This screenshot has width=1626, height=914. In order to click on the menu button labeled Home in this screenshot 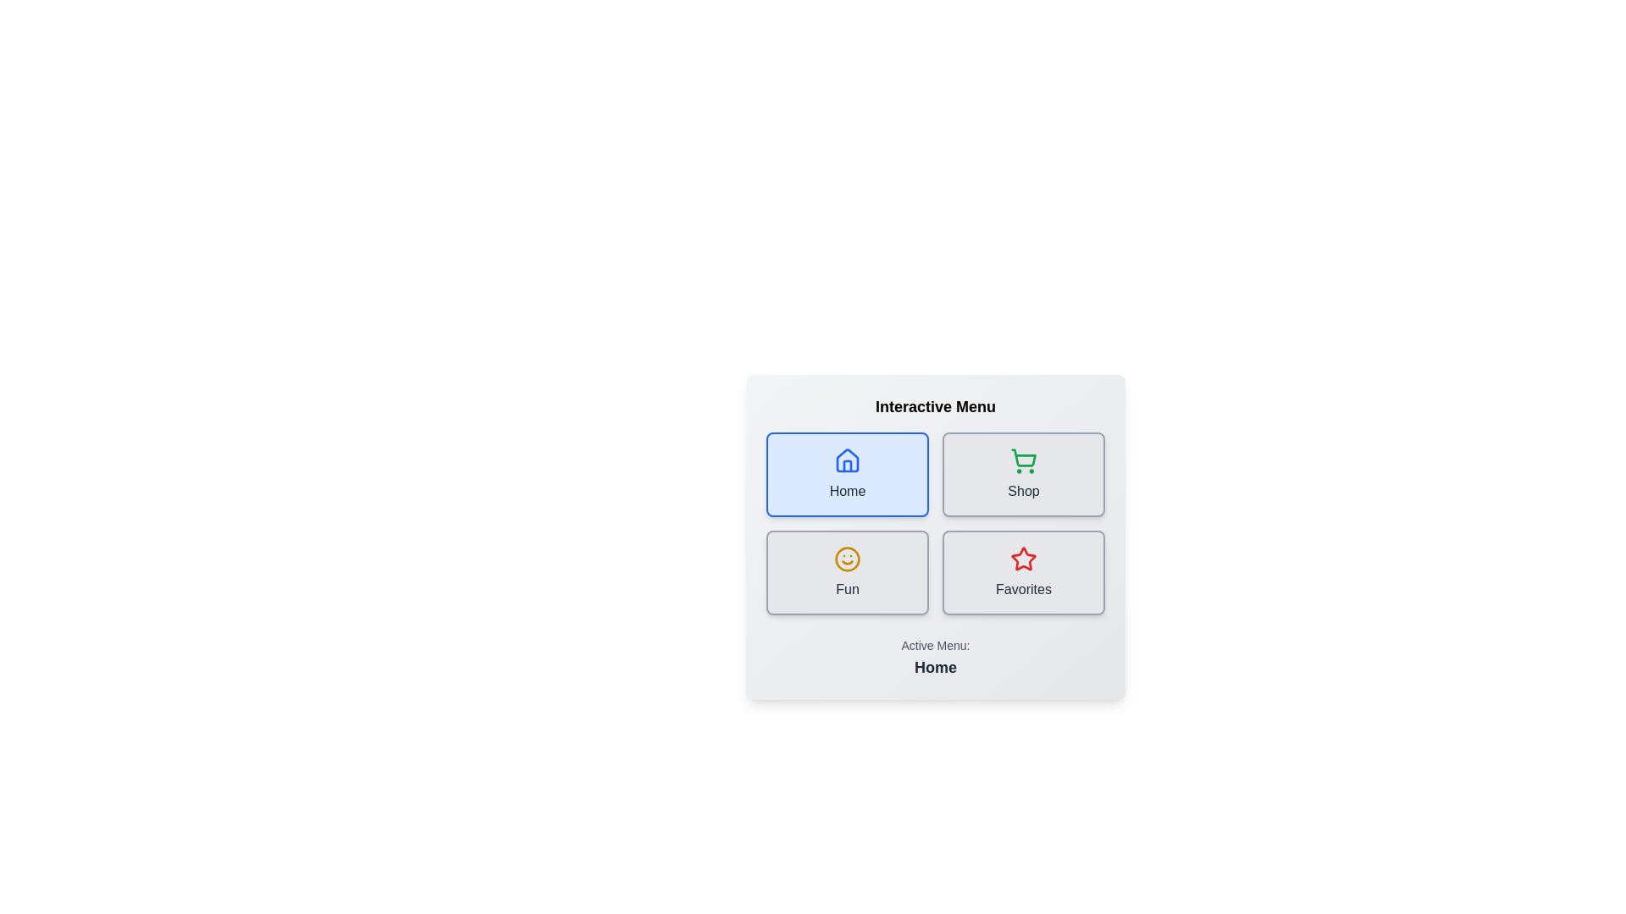, I will do `click(848, 474)`.